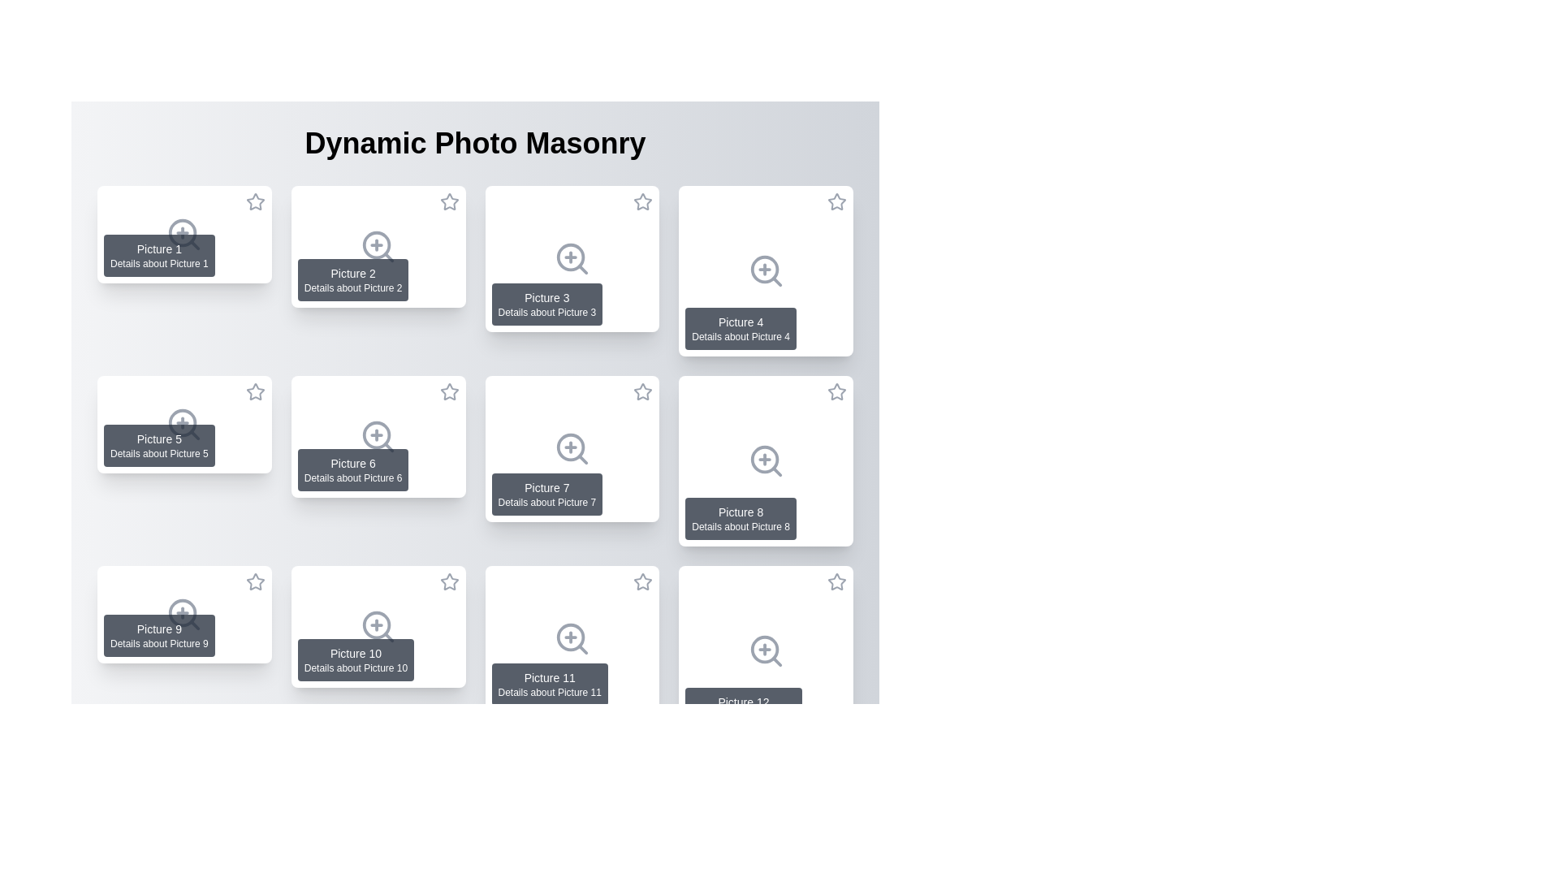 This screenshot has width=1559, height=877. What do you see at coordinates (837, 204) in the screenshot?
I see `the star icon located at the top-right corner of the card labeled 'Picture 4'` at bounding box center [837, 204].